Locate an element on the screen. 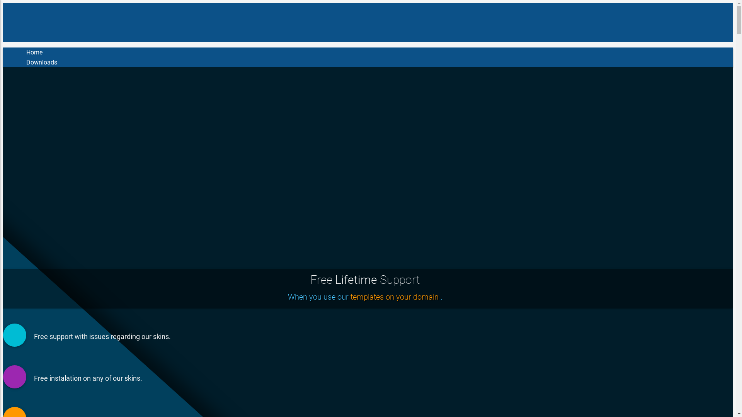 Image resolution: width=742 pixels, height=417 pixels. 'Downloads' is located at coordinates (41, 62).